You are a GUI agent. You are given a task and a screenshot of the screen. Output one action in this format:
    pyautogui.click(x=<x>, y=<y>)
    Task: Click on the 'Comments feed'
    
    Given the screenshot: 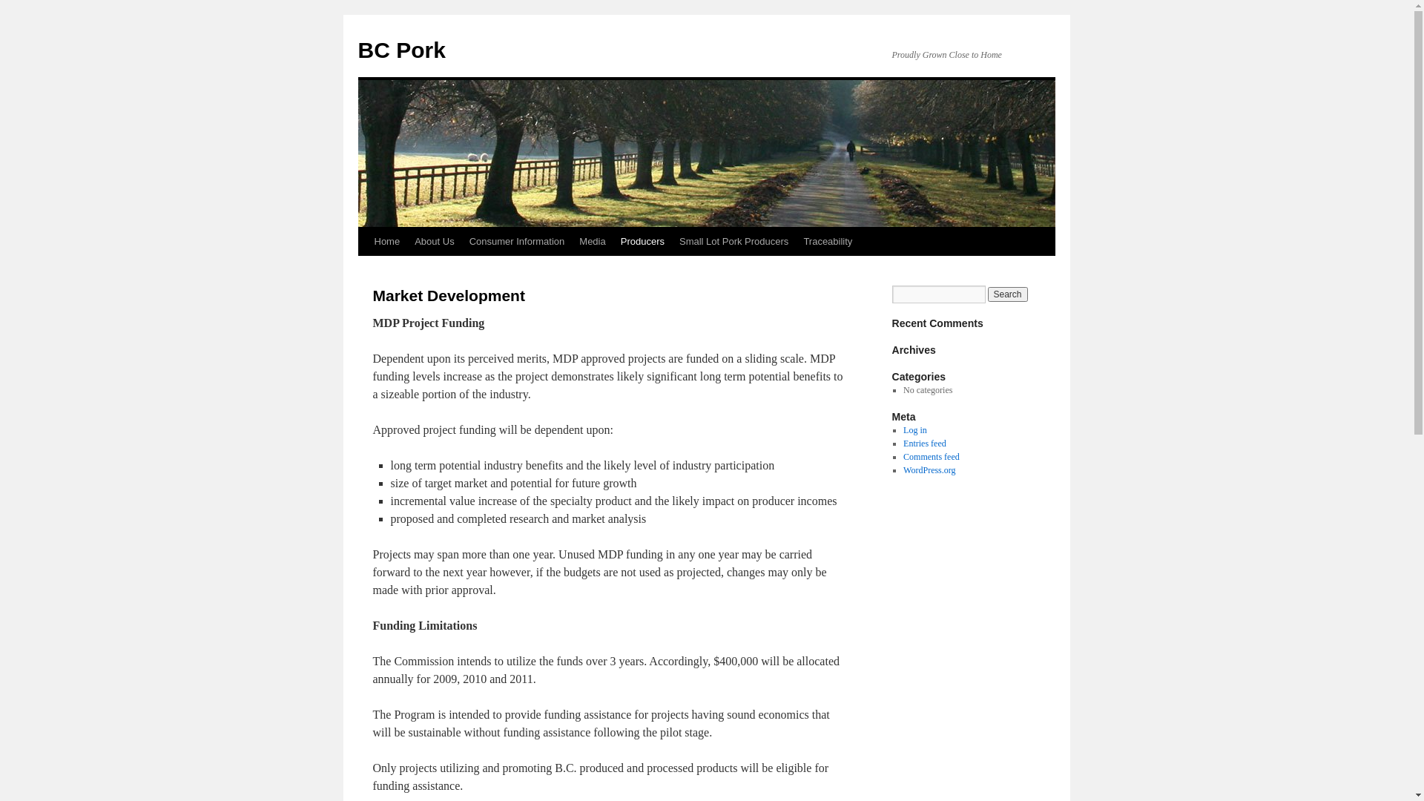 What is the action you would take?
    pyautogui.click(x=931, y=456)
    